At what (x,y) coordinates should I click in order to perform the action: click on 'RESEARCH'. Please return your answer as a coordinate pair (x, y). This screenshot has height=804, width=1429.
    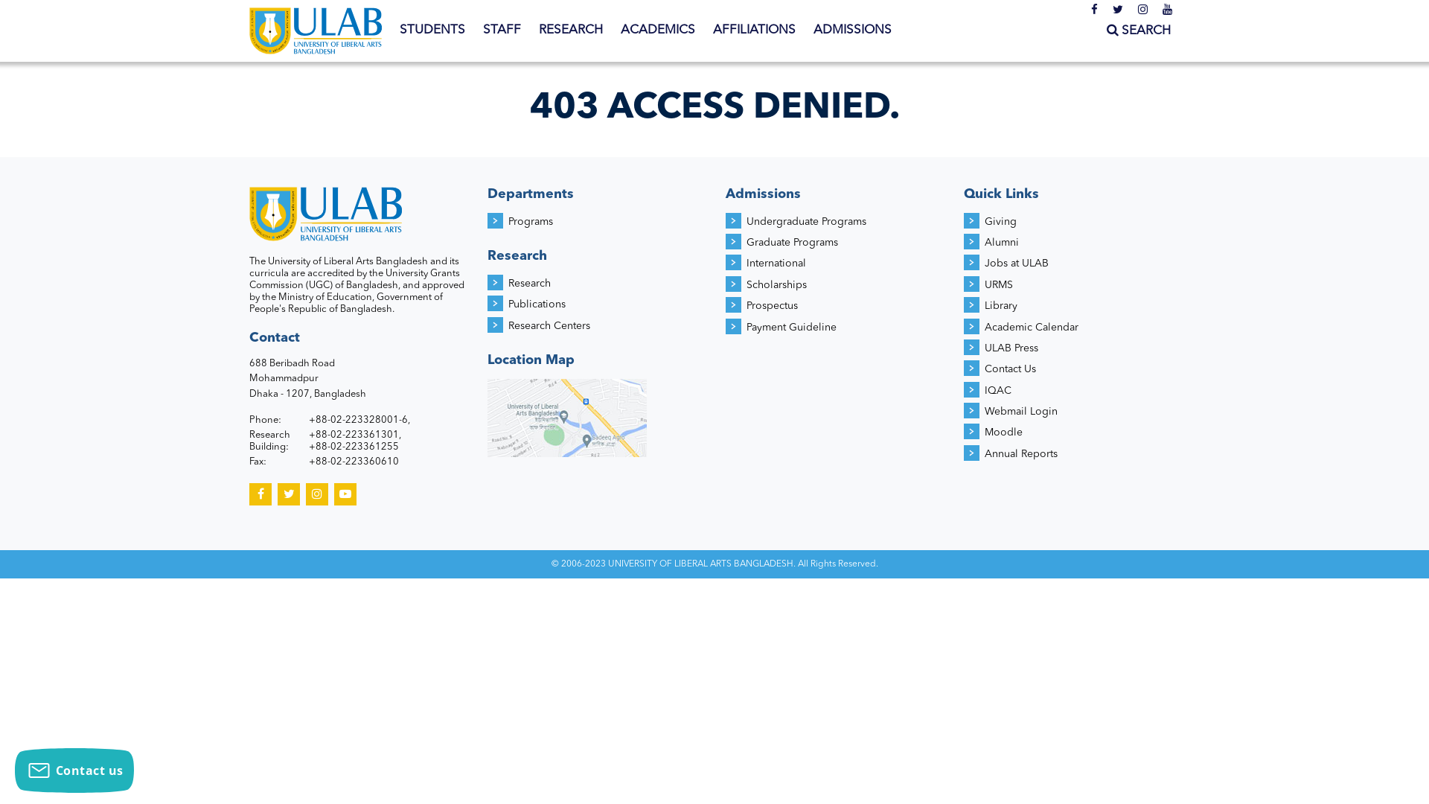
    Looking at the image, I should click on (570, 31).